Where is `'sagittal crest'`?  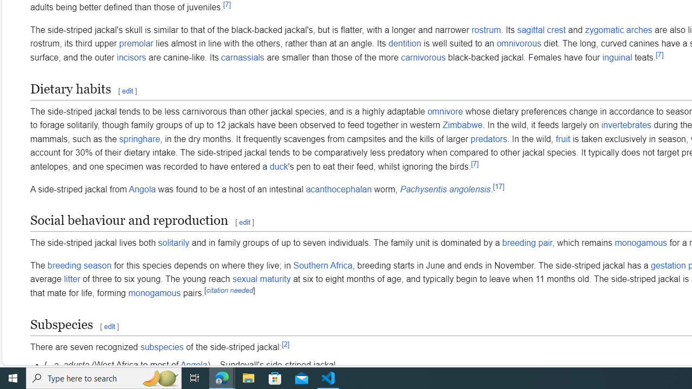 'sagittal crest' is located at coordinates (541, 29).